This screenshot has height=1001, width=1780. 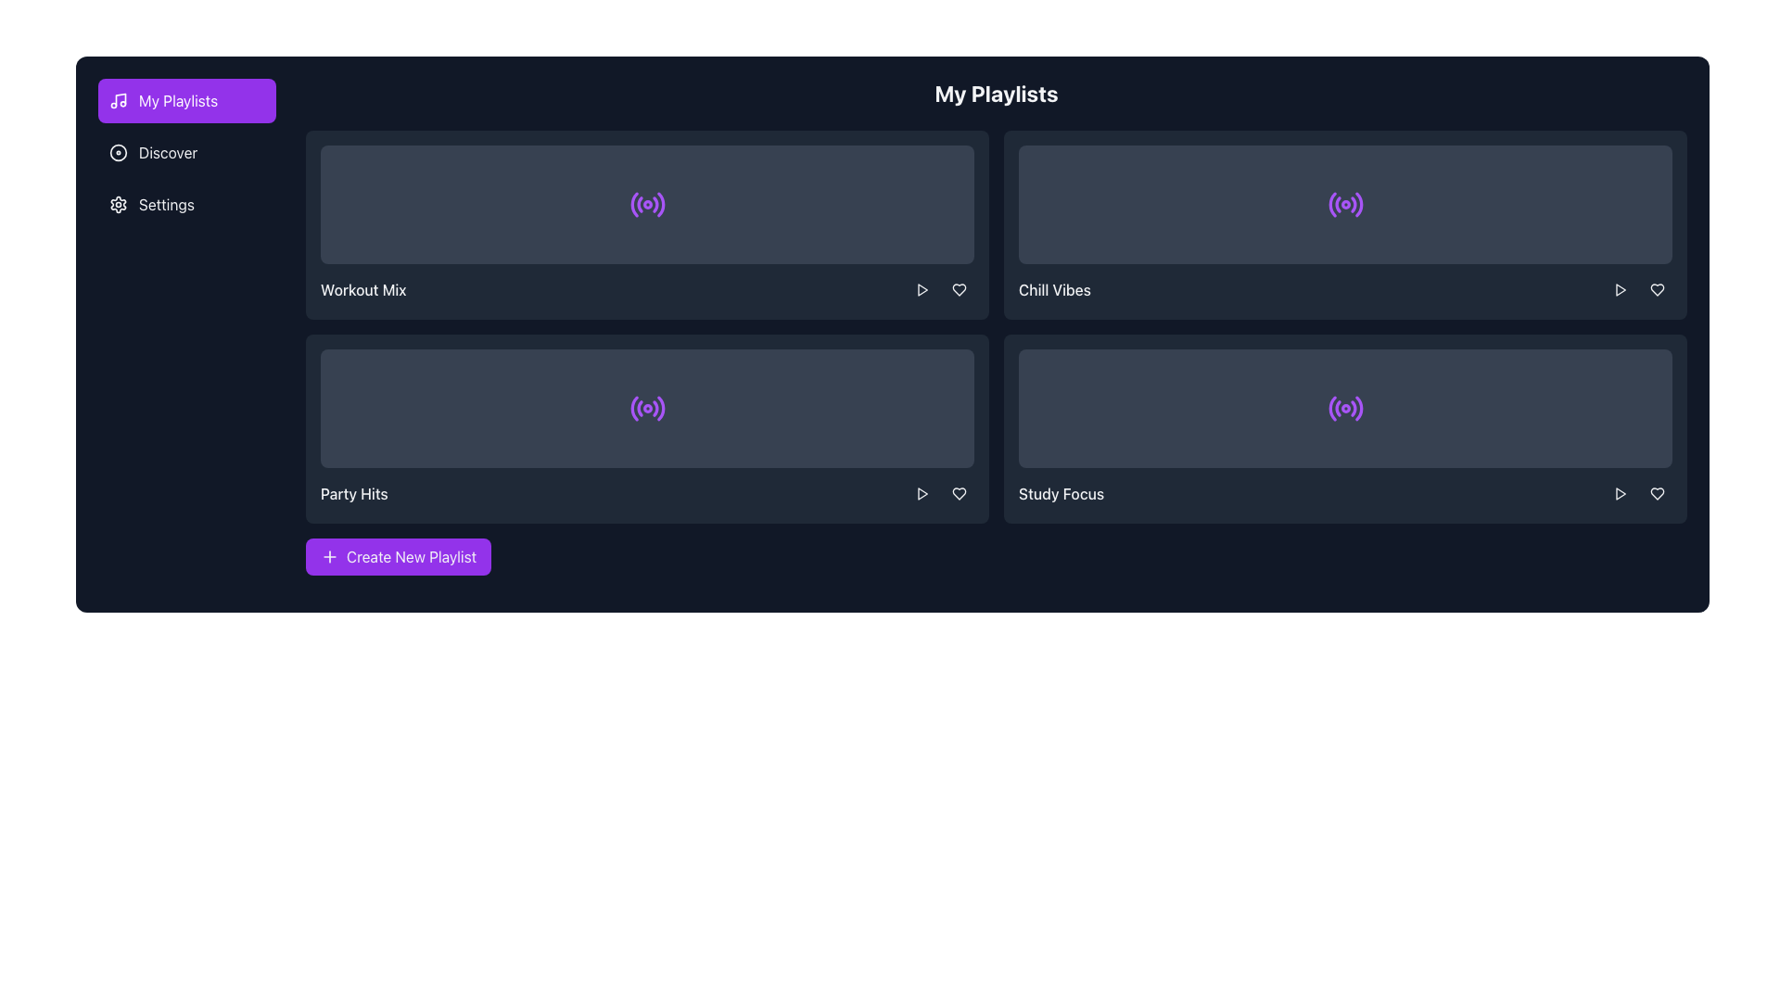 I want to click on the innermost arc on the left side of the circular radio wave icon, which is part of the 'Party Hits' playlist card located in the lower left corner of the grid layout, so click(x=634, y=407).